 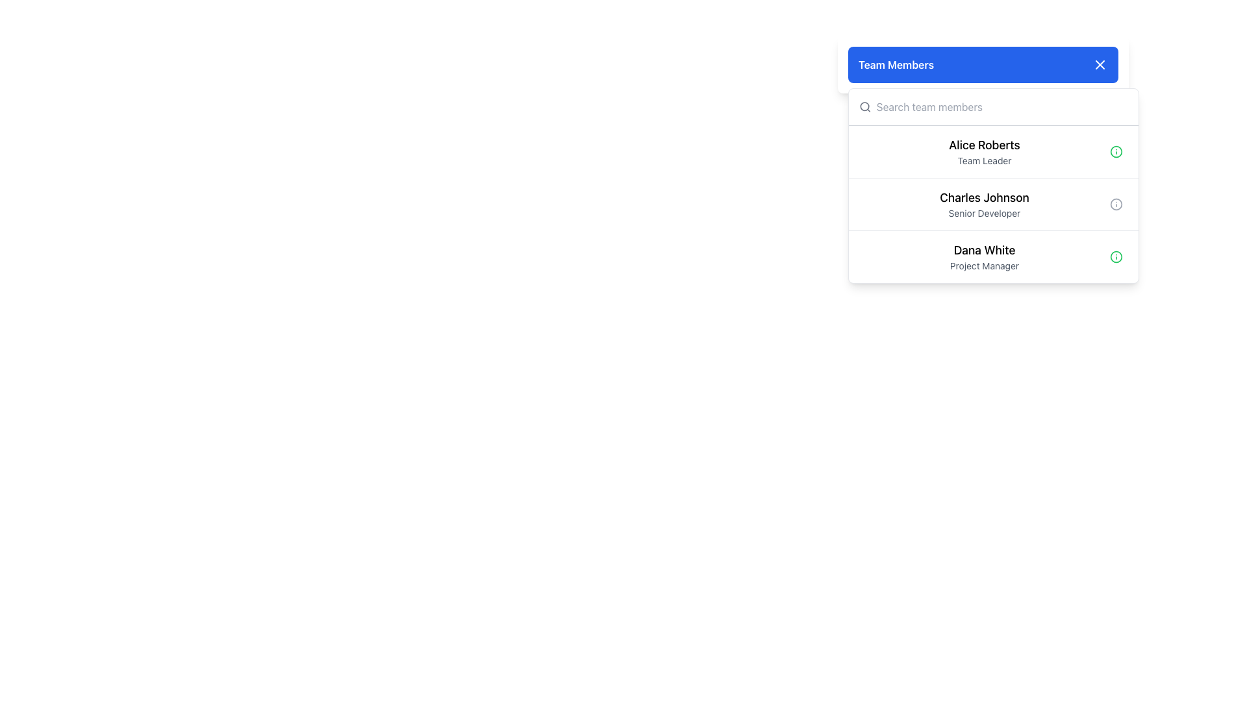 I want to click on the first list item under 'Team Members', so click(x=993, y=151).